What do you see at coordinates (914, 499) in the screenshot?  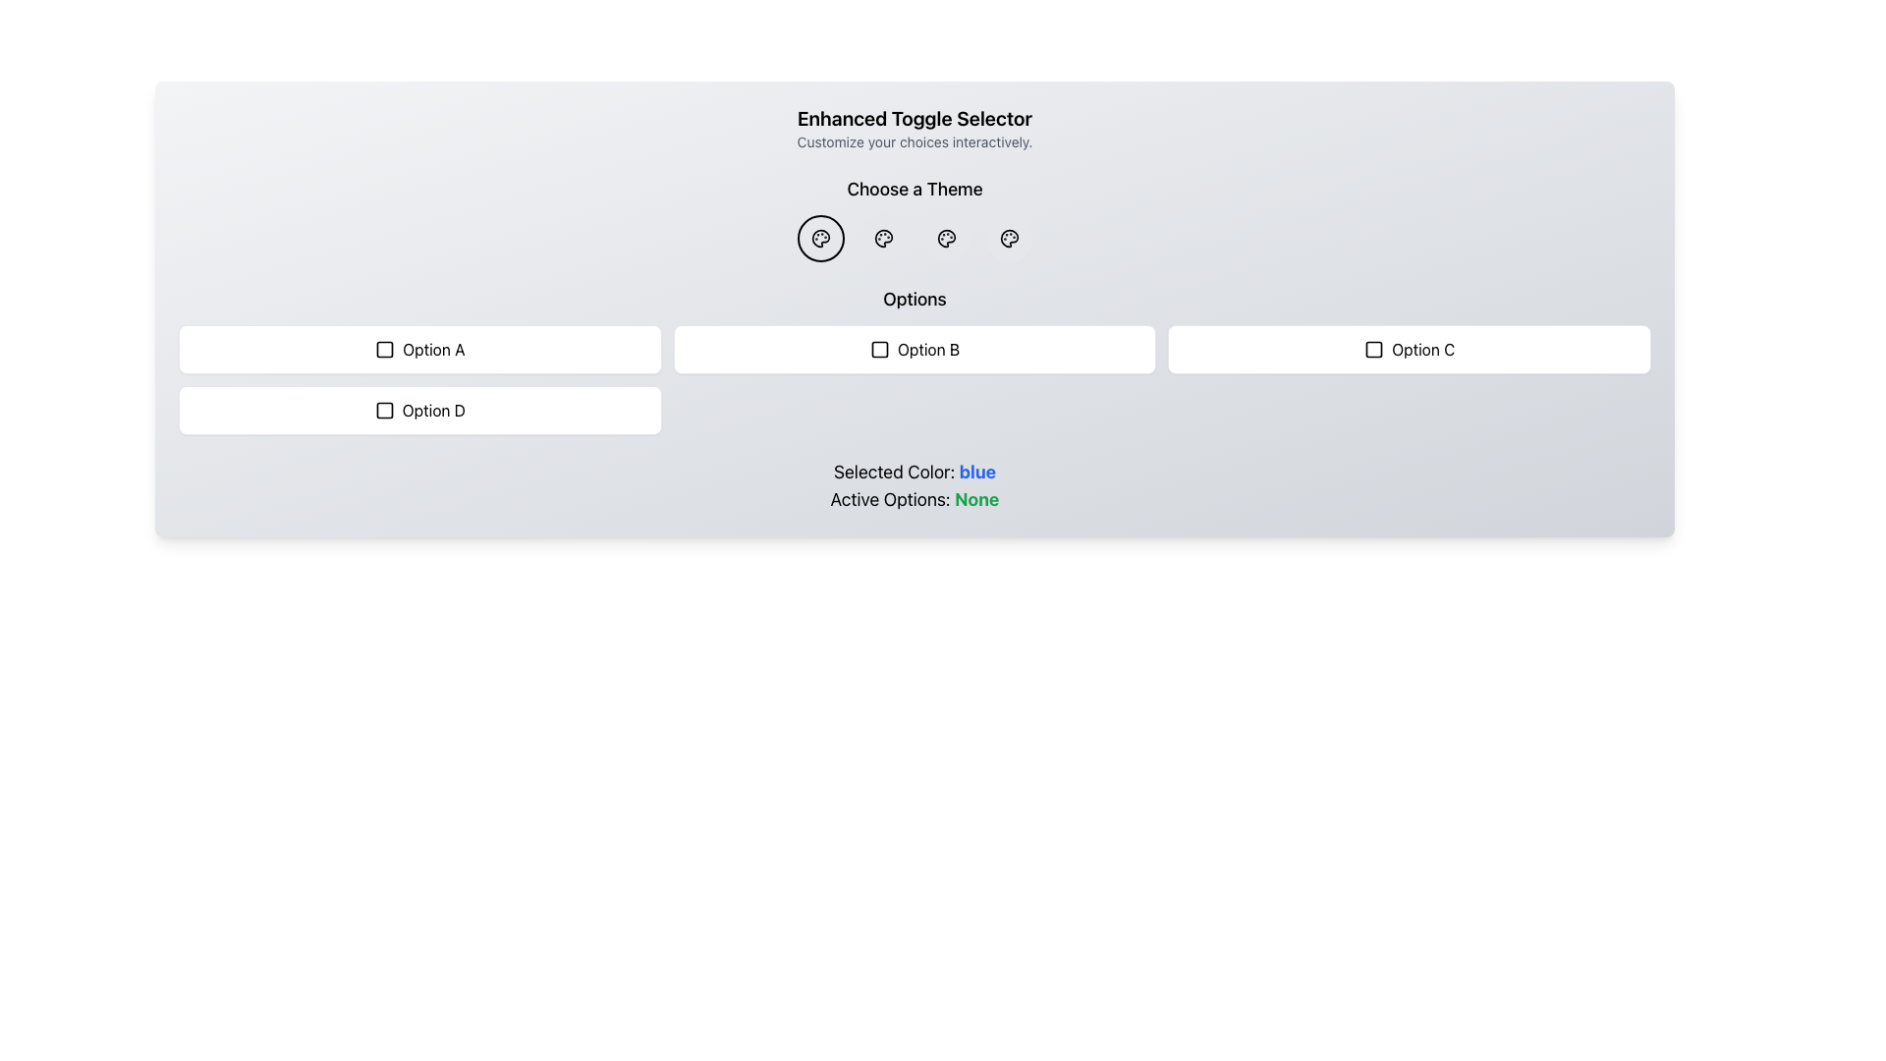 I see `the Text Label that displays the status of the active options, located below the 'Selected Color' text` at bounding box center [914, 499].